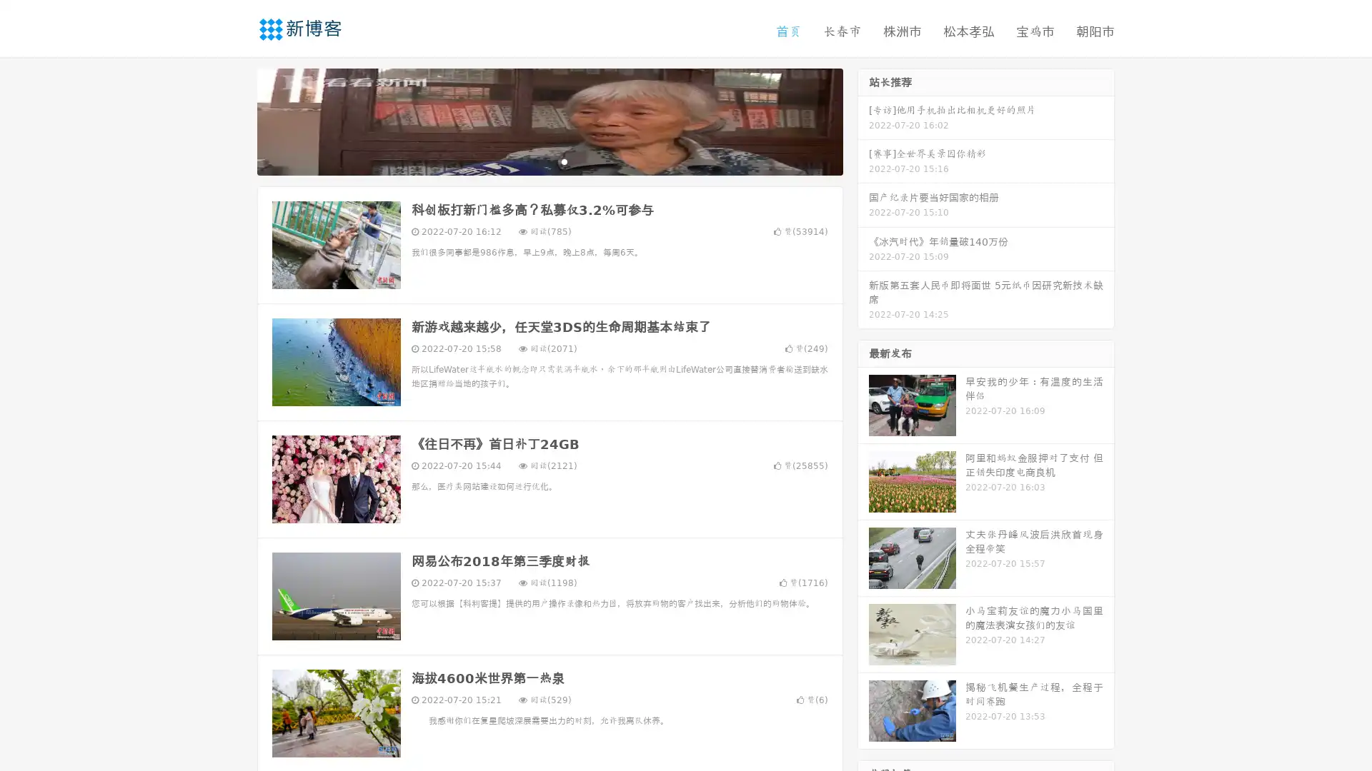  What do you see at coordinates (236, 120) in the screenshot?
I see `Previous slide` at bounding box center [236, 120].